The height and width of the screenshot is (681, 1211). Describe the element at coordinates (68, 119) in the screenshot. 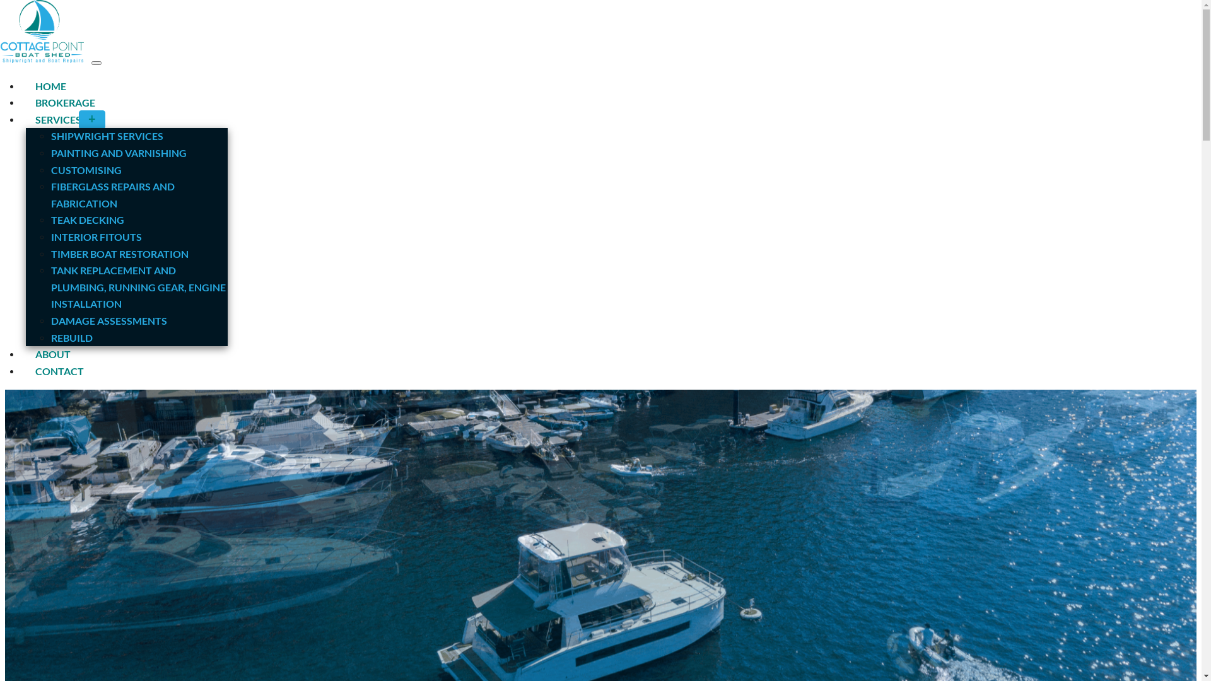

I see `'SERVICES'` at that location.